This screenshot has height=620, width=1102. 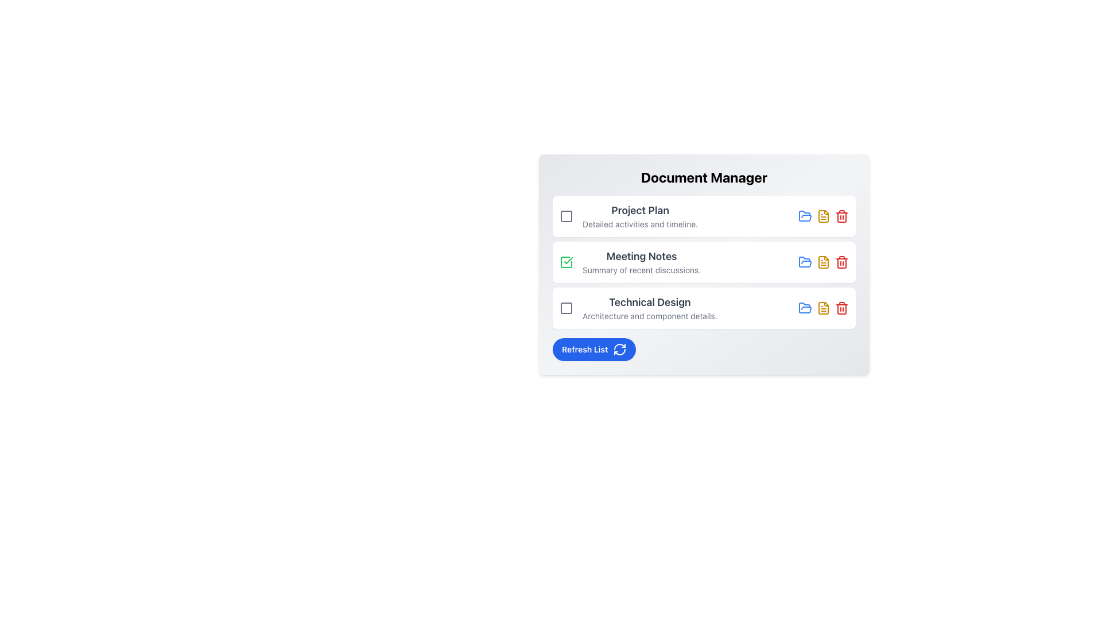 I want to click on the 'Technical Design' document section list item, so click(x=704, y=307).